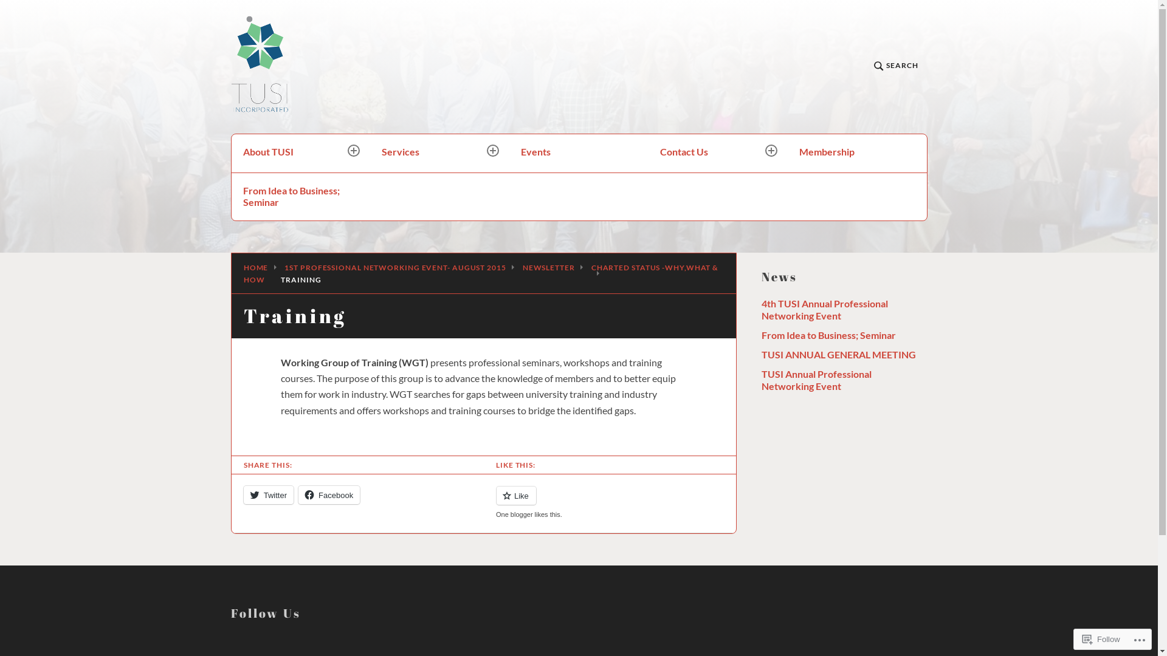  Describe the element at coordinates (827, 335) in the screenshot. I see `'From Idea to Business; Seminar'` at that location.